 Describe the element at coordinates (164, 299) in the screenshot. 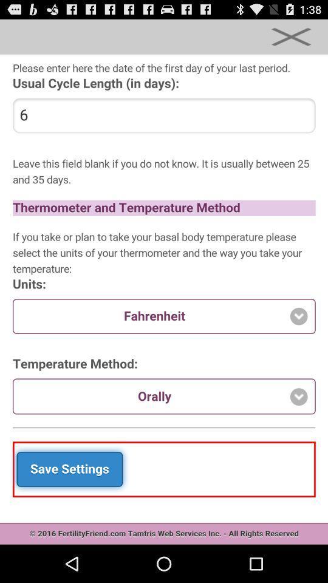

I see `fertility app content` at that location.